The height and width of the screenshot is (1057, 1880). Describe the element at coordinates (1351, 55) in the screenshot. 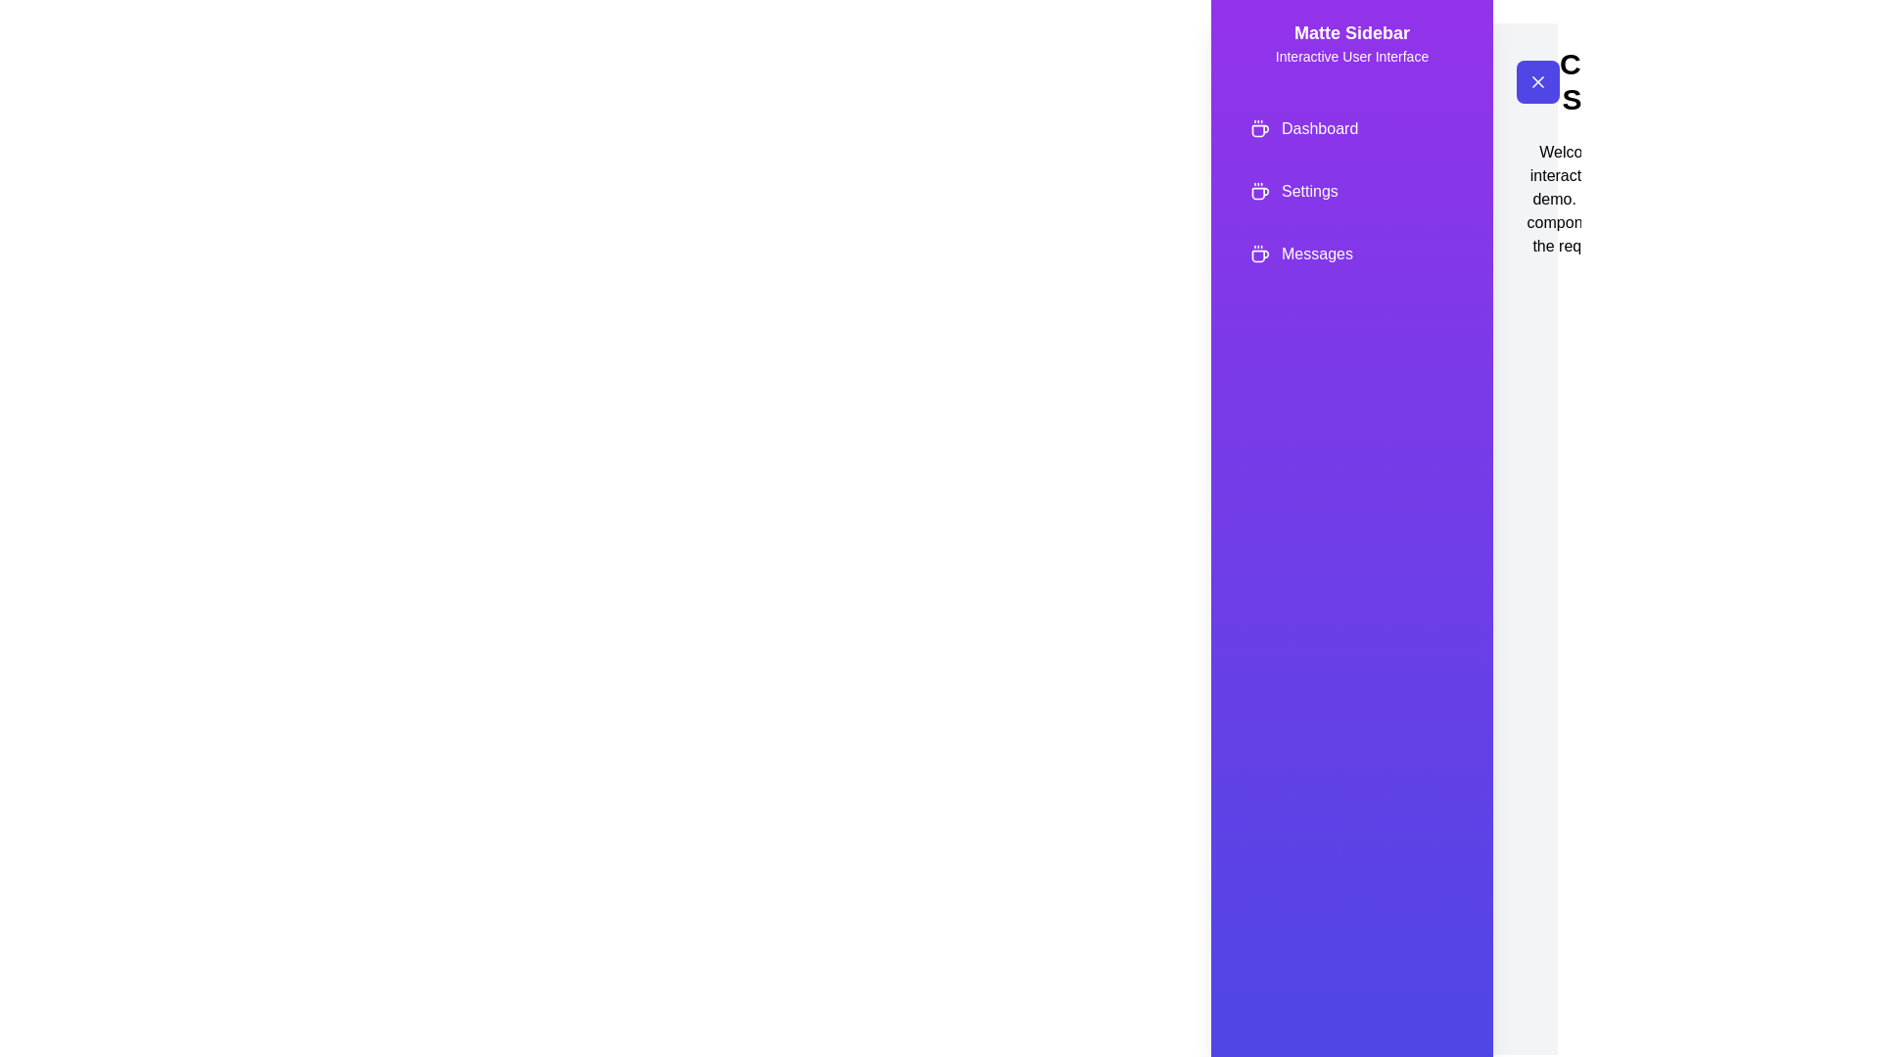

I see `the text label that reads 'Interactive User Interface', which is positioned below the title 'Matte Sidebar' in the sidebar` at that location.